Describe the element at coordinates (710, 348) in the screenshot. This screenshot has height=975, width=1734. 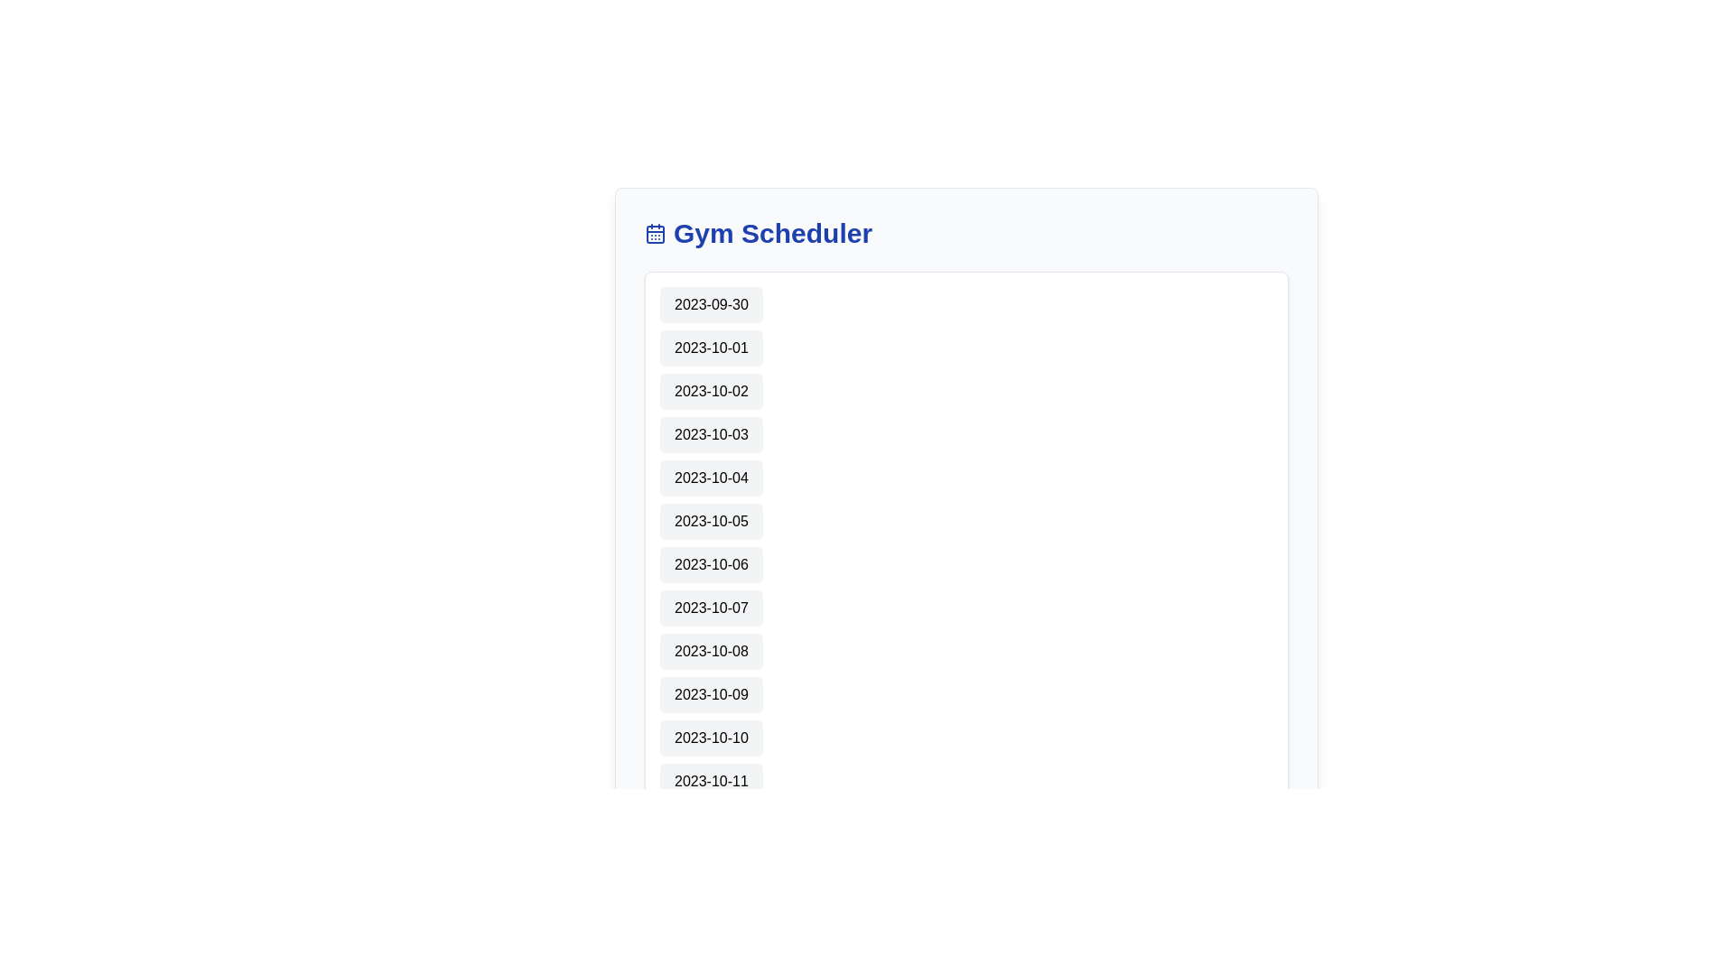
I see `the selectable date element positioned between '2023-09-30' and '2023-10-02'` at that location.